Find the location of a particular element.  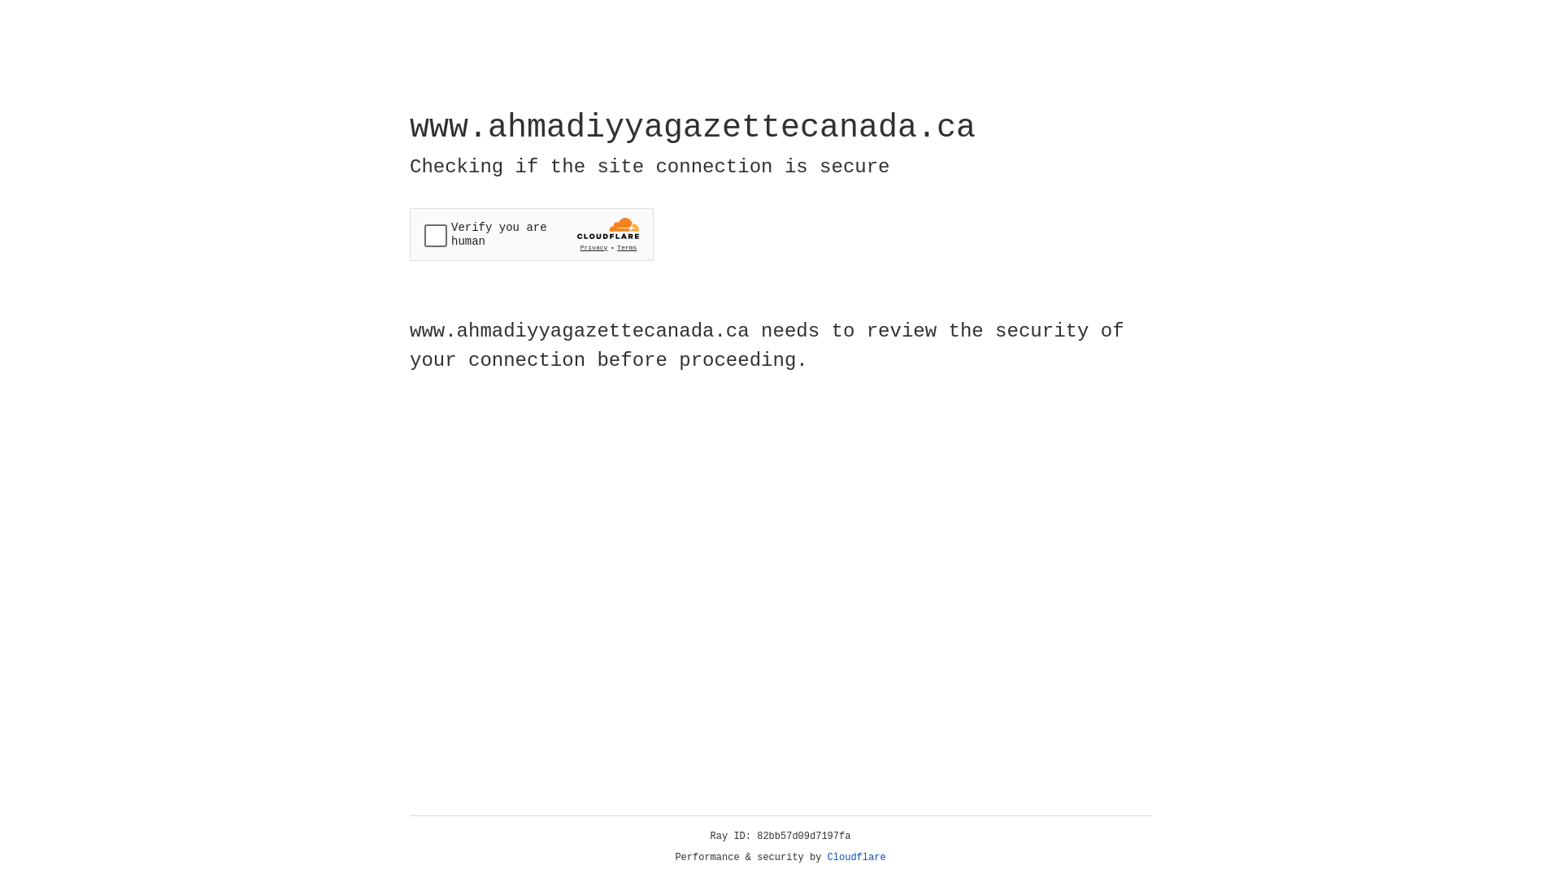

'Widget containing a Cloudflare security challenge' is located at coordinates (531, 234).